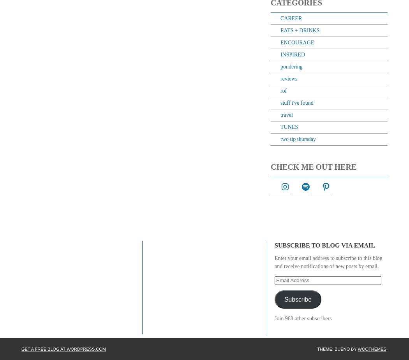  What do you see at coordinates (283, 90) in the screenshot?
I see `'rof'` at bounding box center [283, 90].